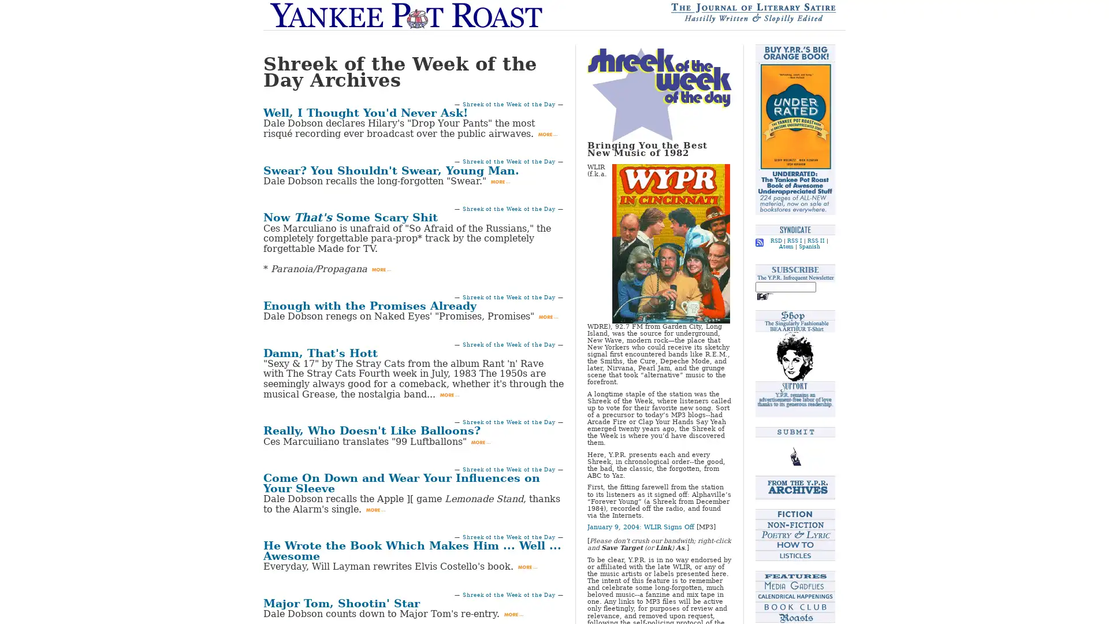 The height and width of the screenshot is (624, 1109). Describe the element at coordinates (765, 296) in the screenshot. I see `Onward!` at that location.